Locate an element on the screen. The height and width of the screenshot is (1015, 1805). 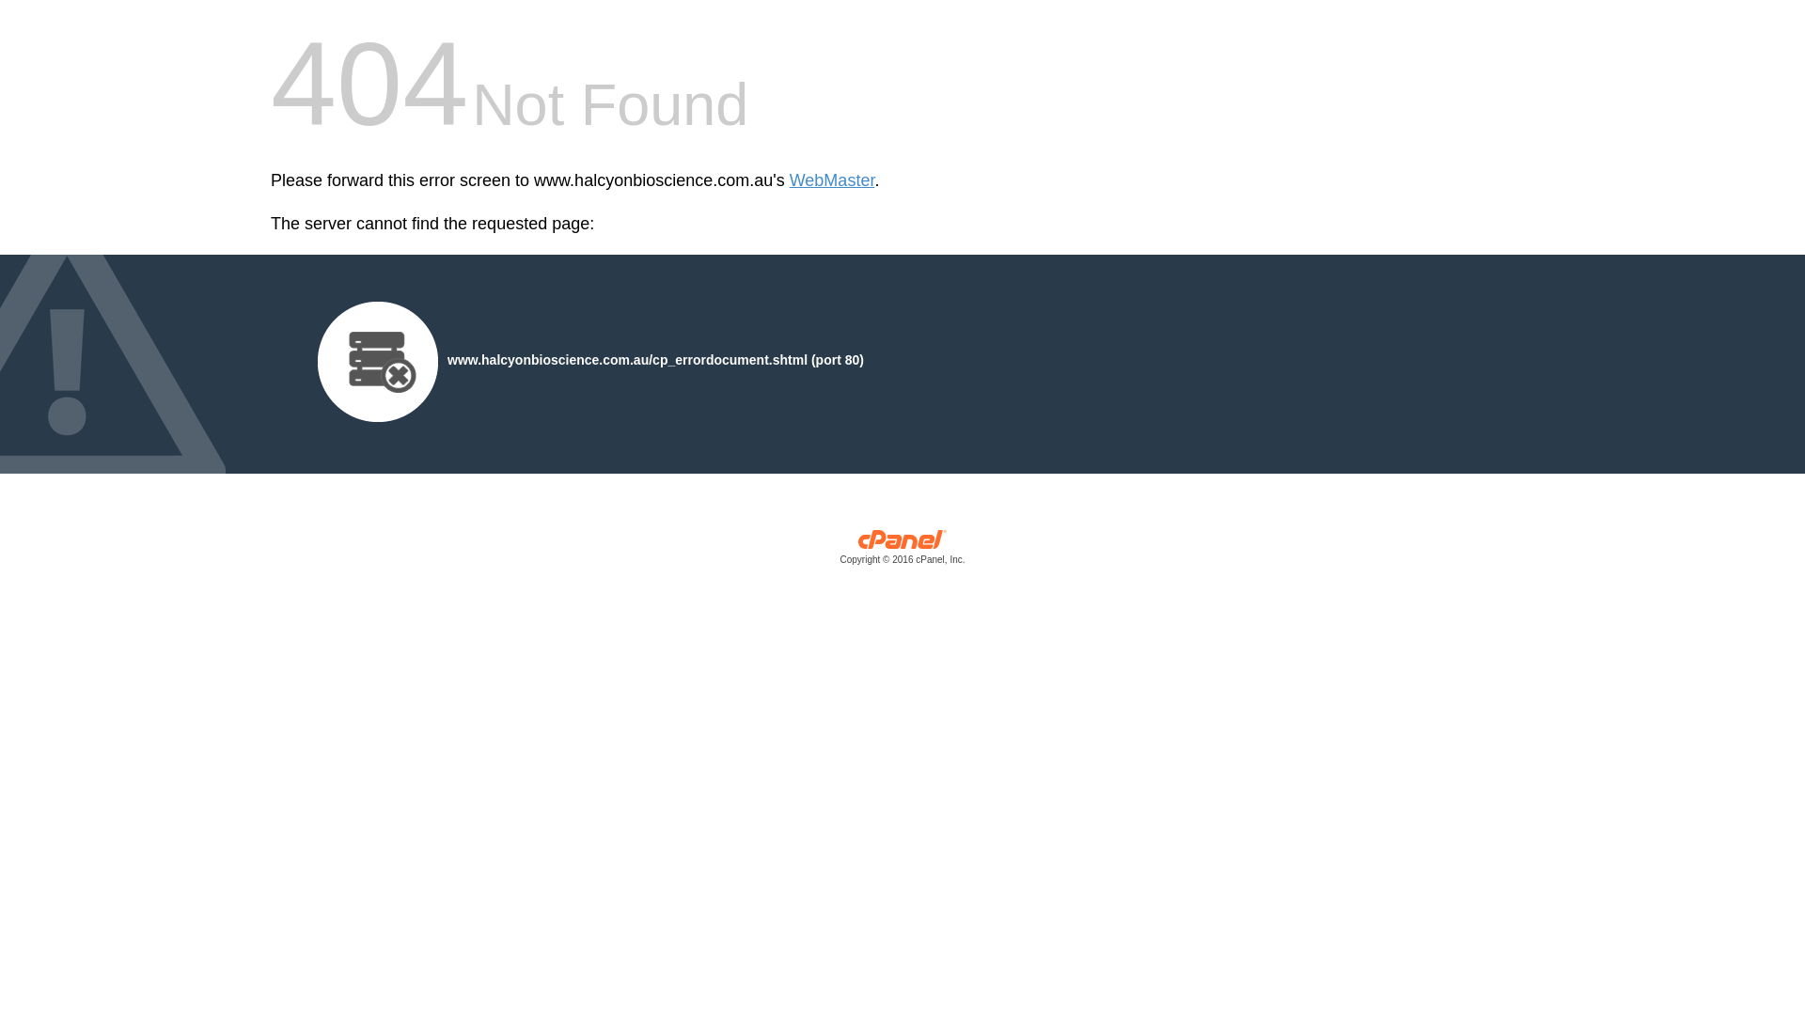
'WebMaster' is located at coordinates (790, 180).